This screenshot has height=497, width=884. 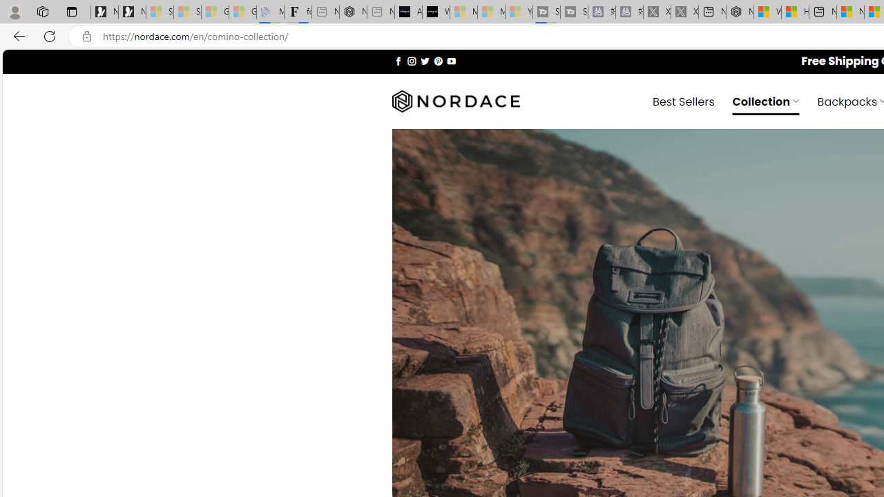 I want to click on 'Microsoft Start - Sleeping', so click(x=491, y=12).